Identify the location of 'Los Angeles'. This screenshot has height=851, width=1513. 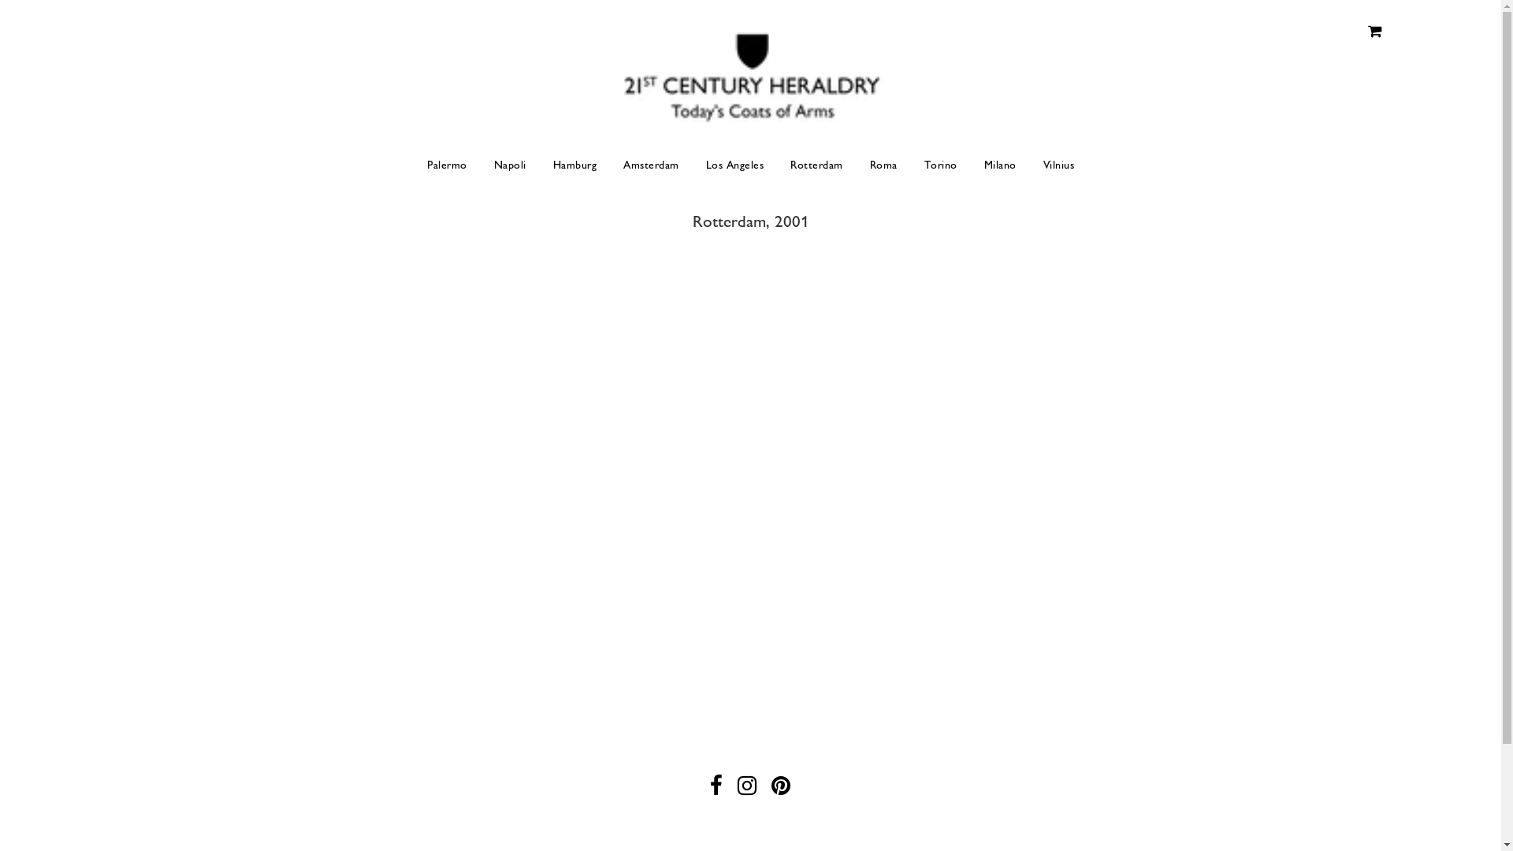
(693, 165).